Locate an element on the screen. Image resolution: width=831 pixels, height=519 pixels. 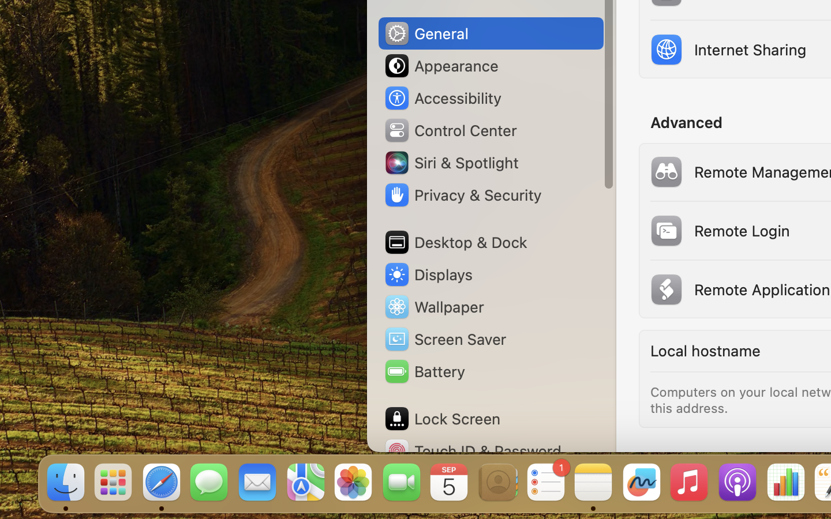
'Wallpaper' is located at coordinates (432, 306).